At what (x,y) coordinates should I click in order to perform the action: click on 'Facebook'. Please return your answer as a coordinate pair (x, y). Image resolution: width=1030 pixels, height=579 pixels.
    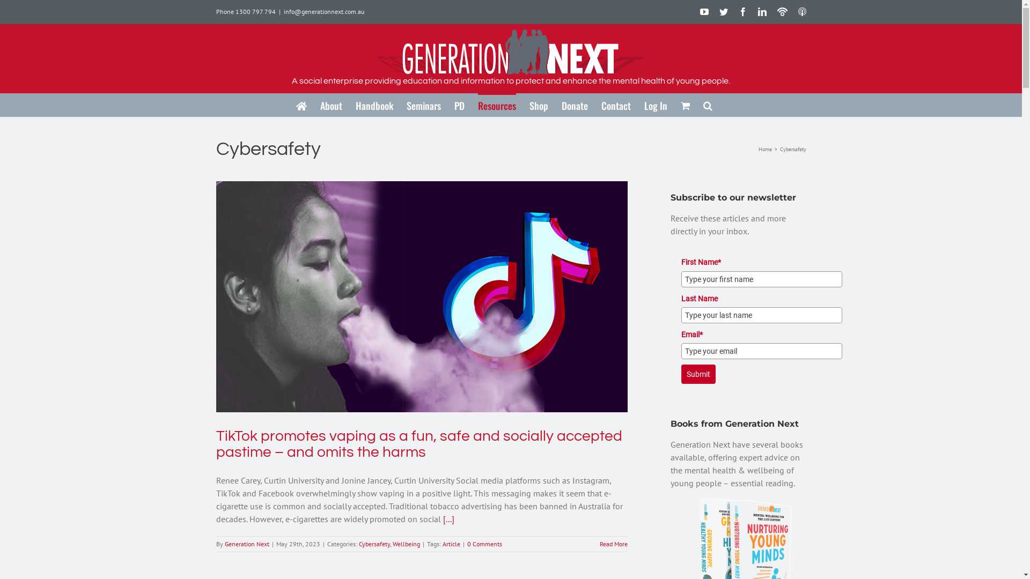
    Looking at the image, I should click on (742, 12).